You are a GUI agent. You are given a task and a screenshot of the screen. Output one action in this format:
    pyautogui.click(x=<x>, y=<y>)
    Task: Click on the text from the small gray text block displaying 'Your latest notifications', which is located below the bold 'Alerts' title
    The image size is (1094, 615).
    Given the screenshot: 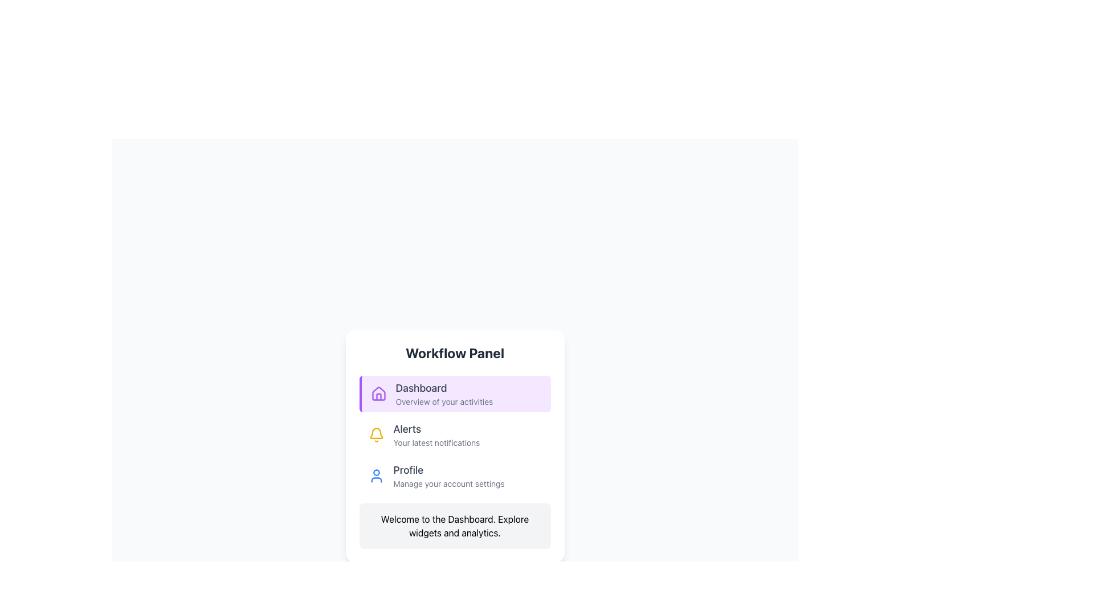 What is the action you would take?
    pyautogui.click(x=436, y=442)
    